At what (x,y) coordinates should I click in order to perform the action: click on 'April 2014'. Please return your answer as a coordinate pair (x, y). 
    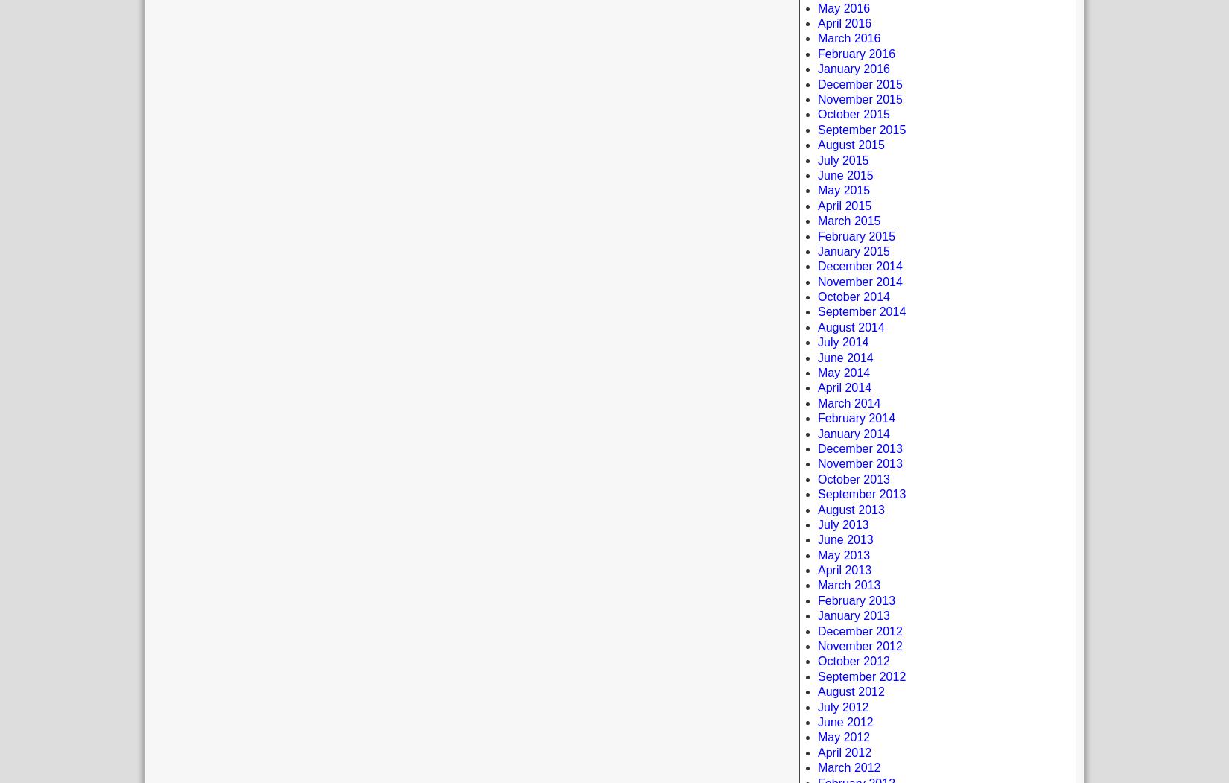
    Looking at the image, I should click on (845, 387).